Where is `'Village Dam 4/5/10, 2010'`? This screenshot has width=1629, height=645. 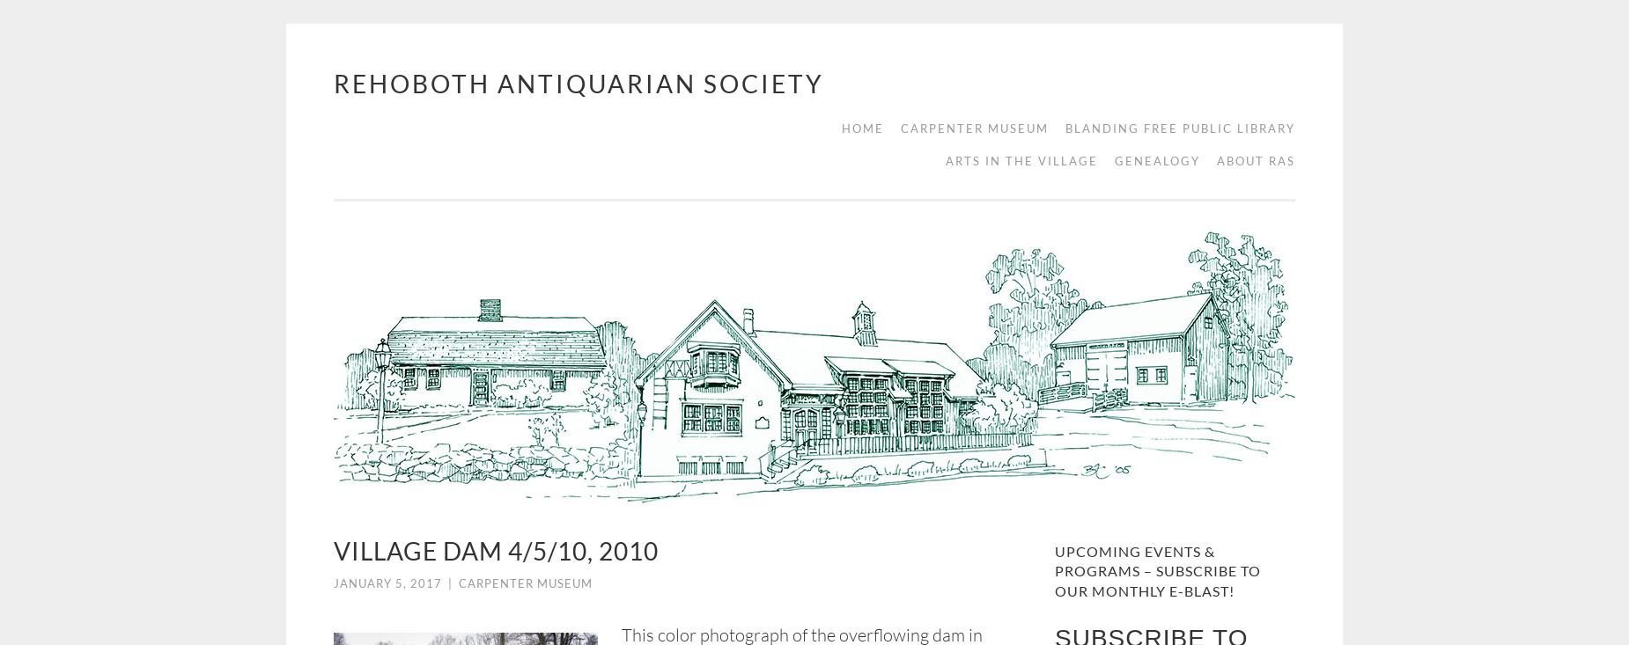
'Village Dam 4/5/10, 2010' is located at coordinates (496, 549).